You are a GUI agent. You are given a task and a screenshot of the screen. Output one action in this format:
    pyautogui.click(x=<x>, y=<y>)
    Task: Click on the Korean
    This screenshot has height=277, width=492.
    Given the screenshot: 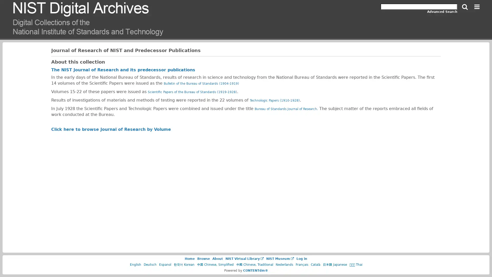 What is the action you would take?
    pyautogui.click(x=184, y=265)
    